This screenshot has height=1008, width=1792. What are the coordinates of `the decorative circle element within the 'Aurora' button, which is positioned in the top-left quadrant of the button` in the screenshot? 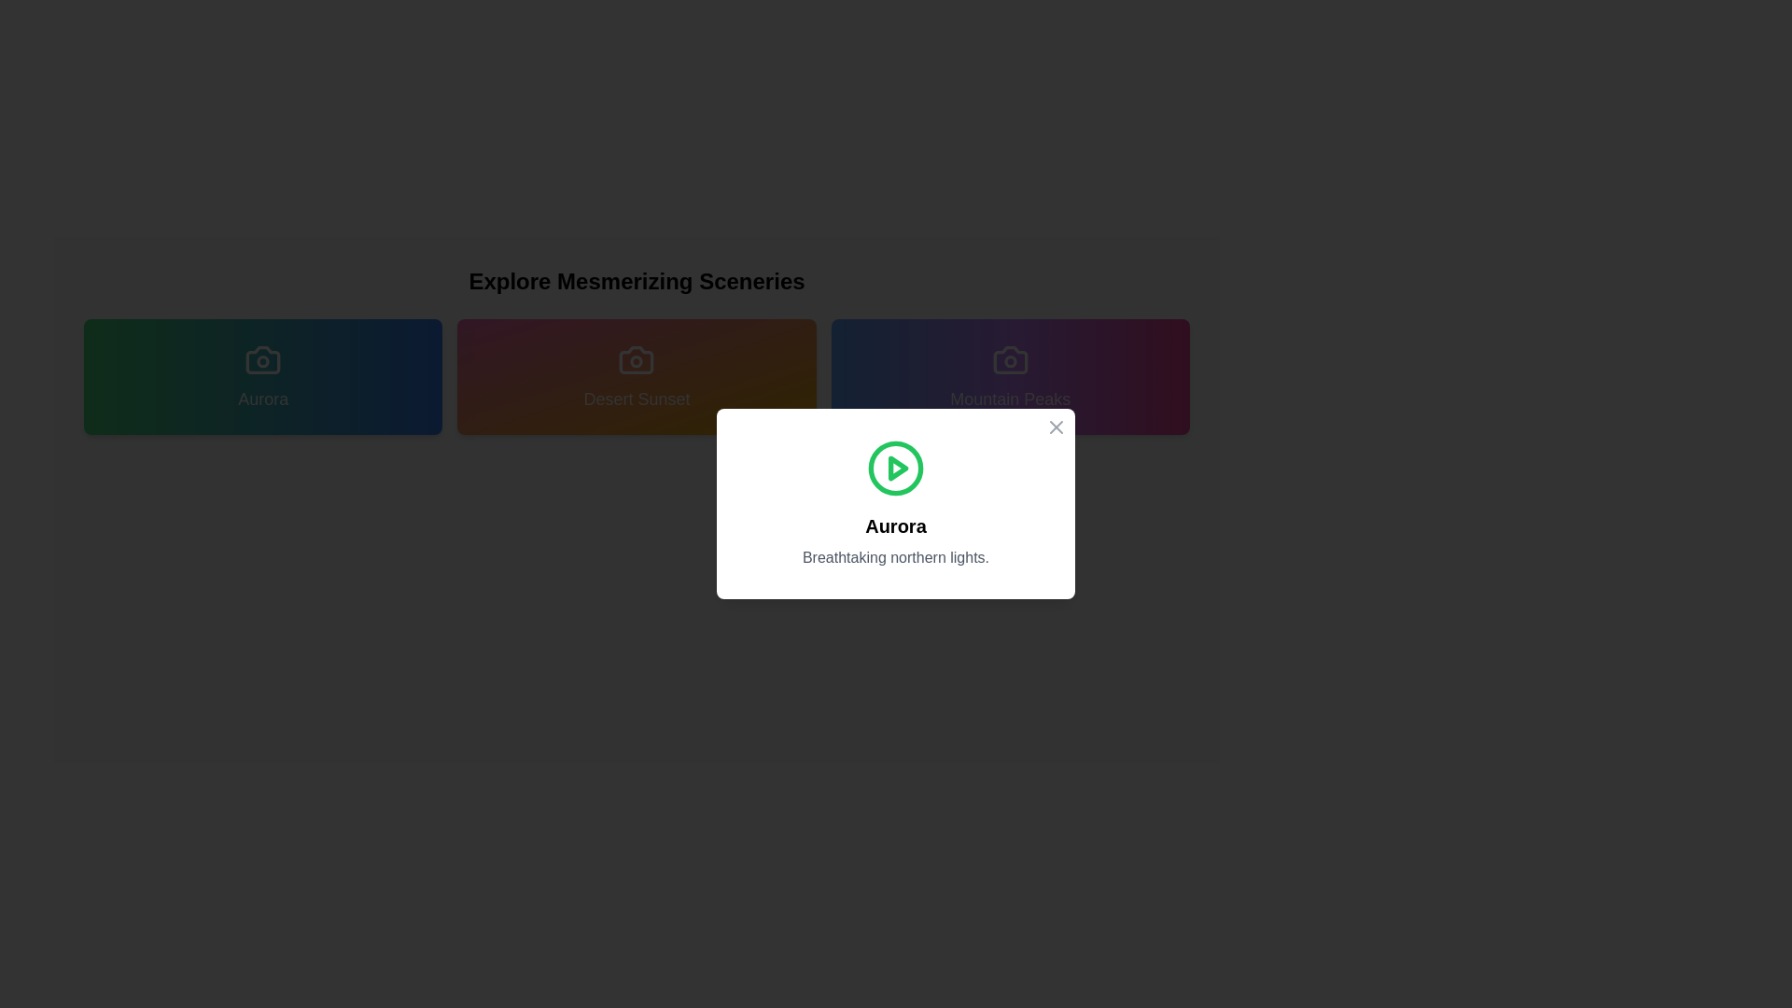 It's located at (262, 361).